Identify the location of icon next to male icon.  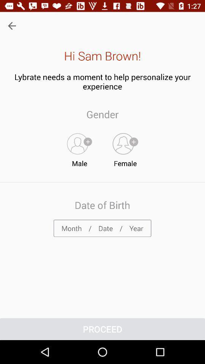
(125, 148).